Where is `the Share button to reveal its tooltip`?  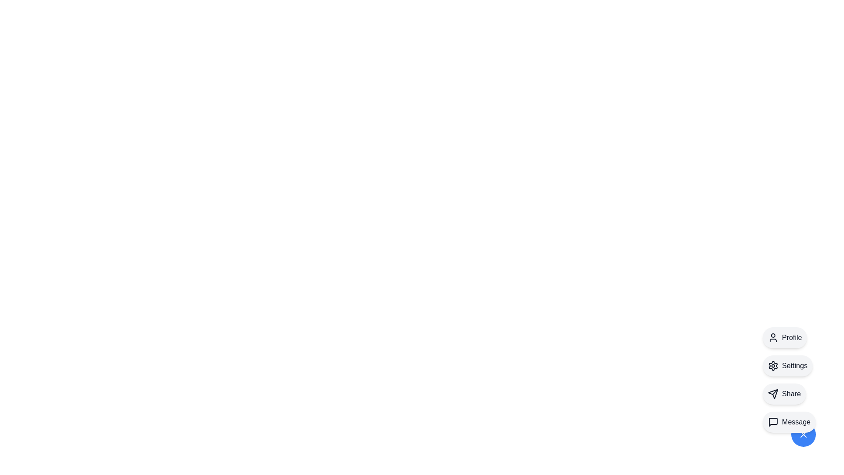
the Share button to reveal its tooltip is located at coordinates (784, 393).